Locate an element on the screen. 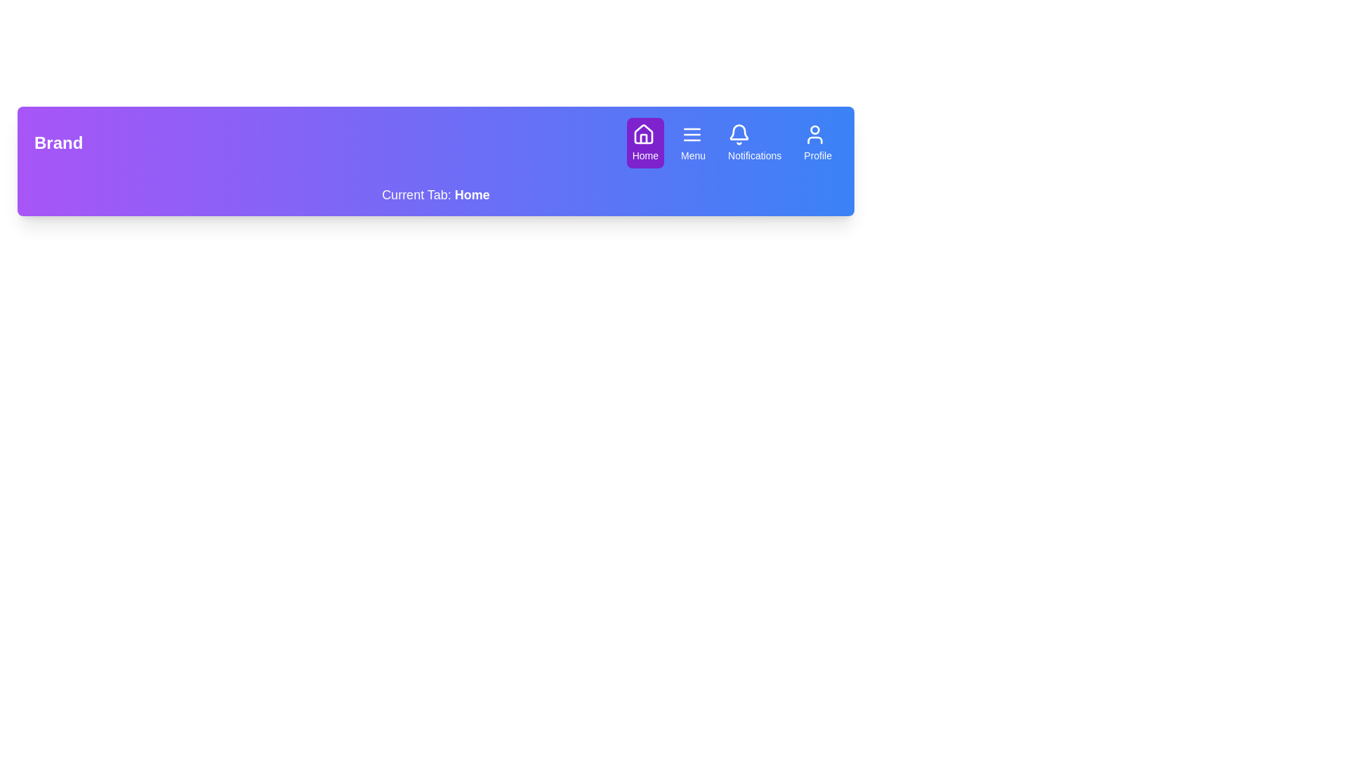  the user profile text label located on the far right of the navigation bar is located at coordinates (818, 156).